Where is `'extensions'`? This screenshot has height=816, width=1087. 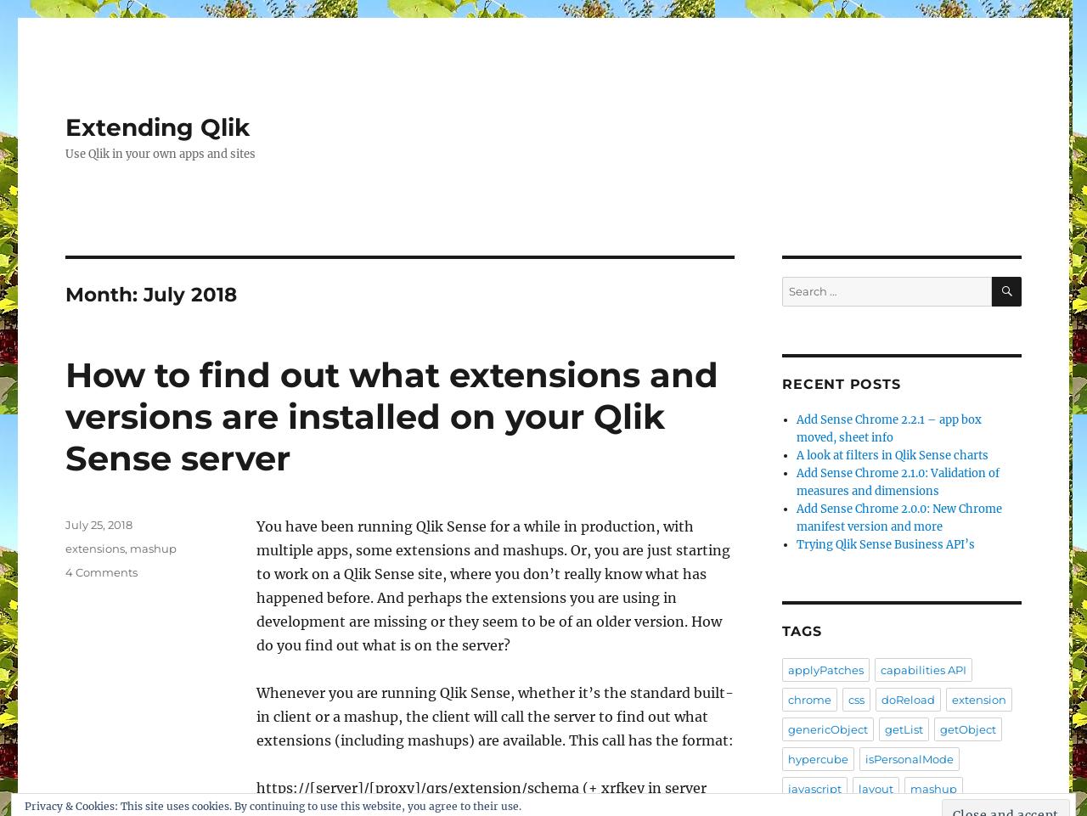
'extensions' is located at coordinates (94, 547).